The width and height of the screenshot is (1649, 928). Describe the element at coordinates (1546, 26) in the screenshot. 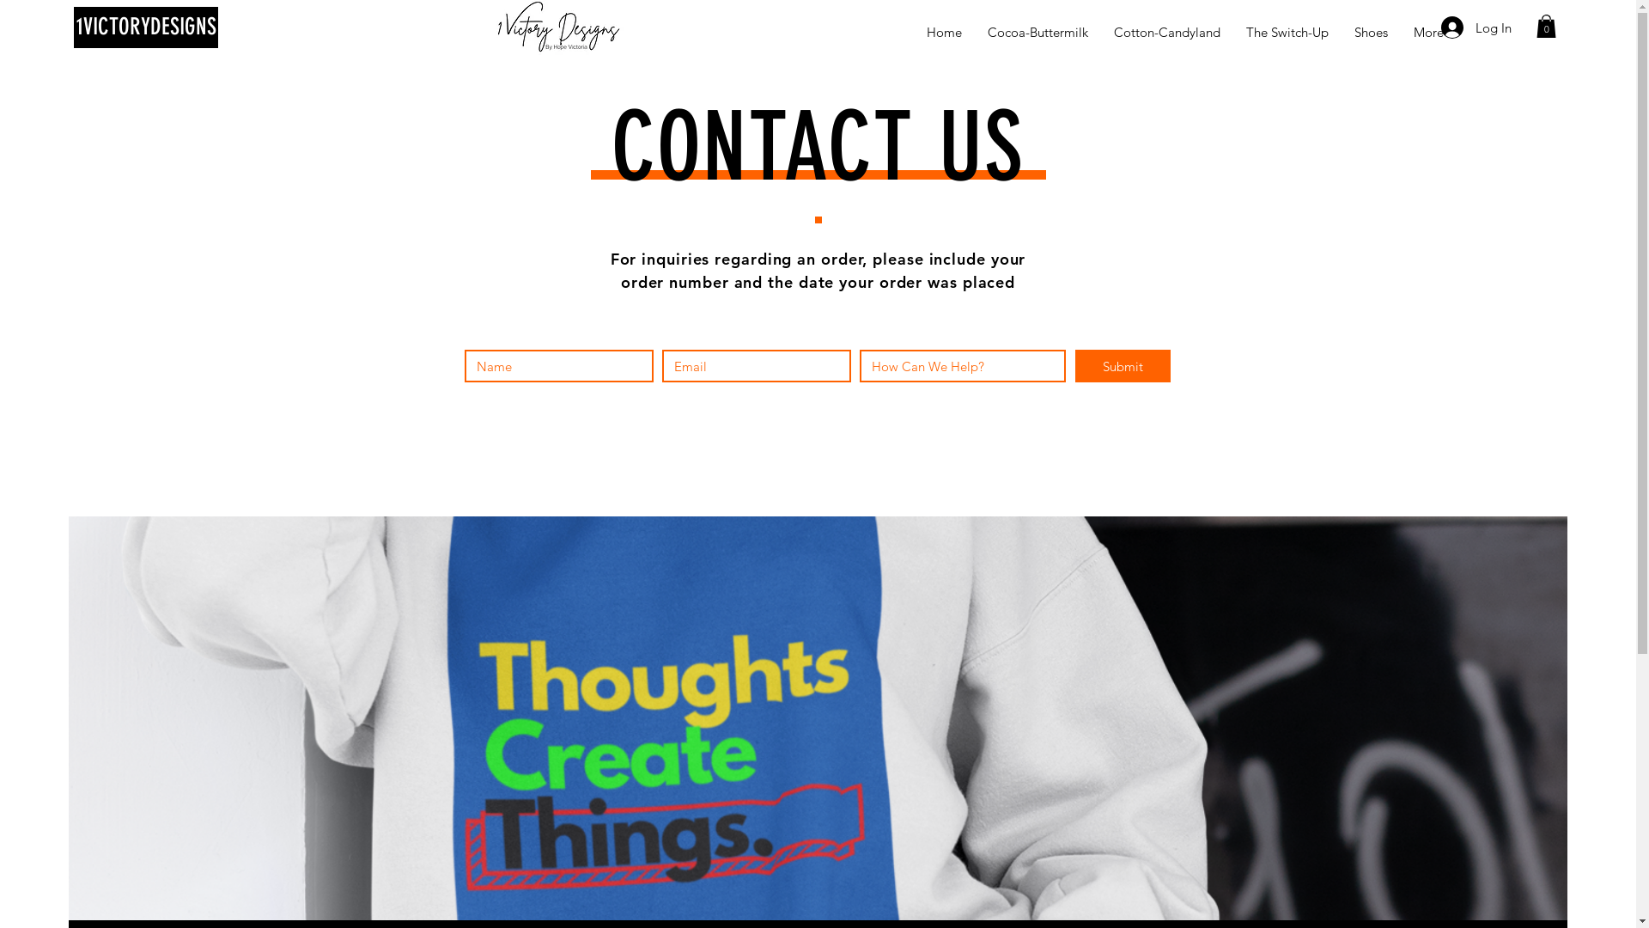

I see `'0'` at that location.